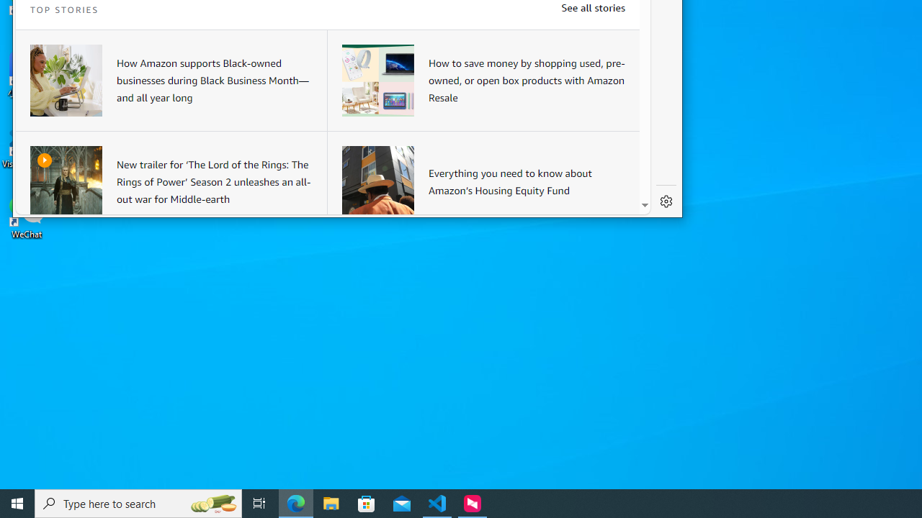 The height and width of the screenshot is (518, 922). What do you see at coordinates (437, 502) in the screenshot?
I see `'Visual Studio Code - 1 running window'` at bounding box center [437, 502].